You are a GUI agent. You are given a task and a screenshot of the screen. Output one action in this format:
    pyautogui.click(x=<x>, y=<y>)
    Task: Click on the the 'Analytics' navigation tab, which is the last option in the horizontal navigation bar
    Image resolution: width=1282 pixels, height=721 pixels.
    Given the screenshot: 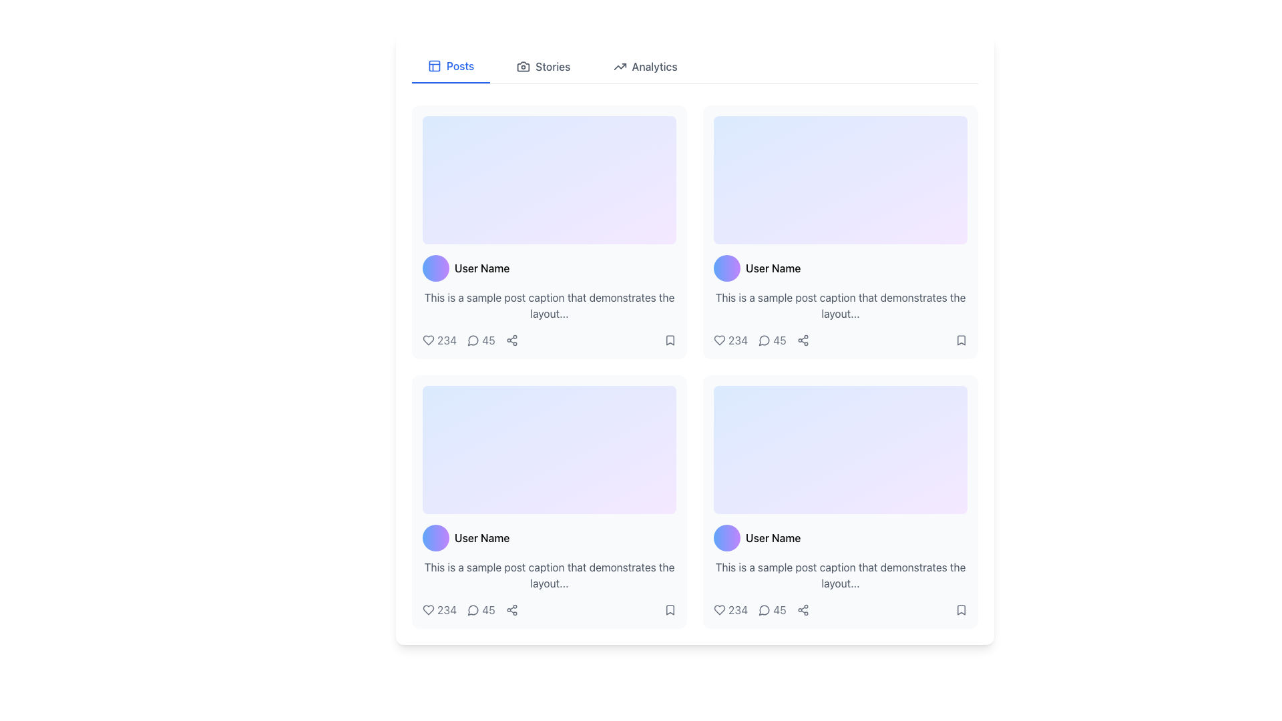 What is the action you would take?
    pyautogui.click(x=645, y=67)
    